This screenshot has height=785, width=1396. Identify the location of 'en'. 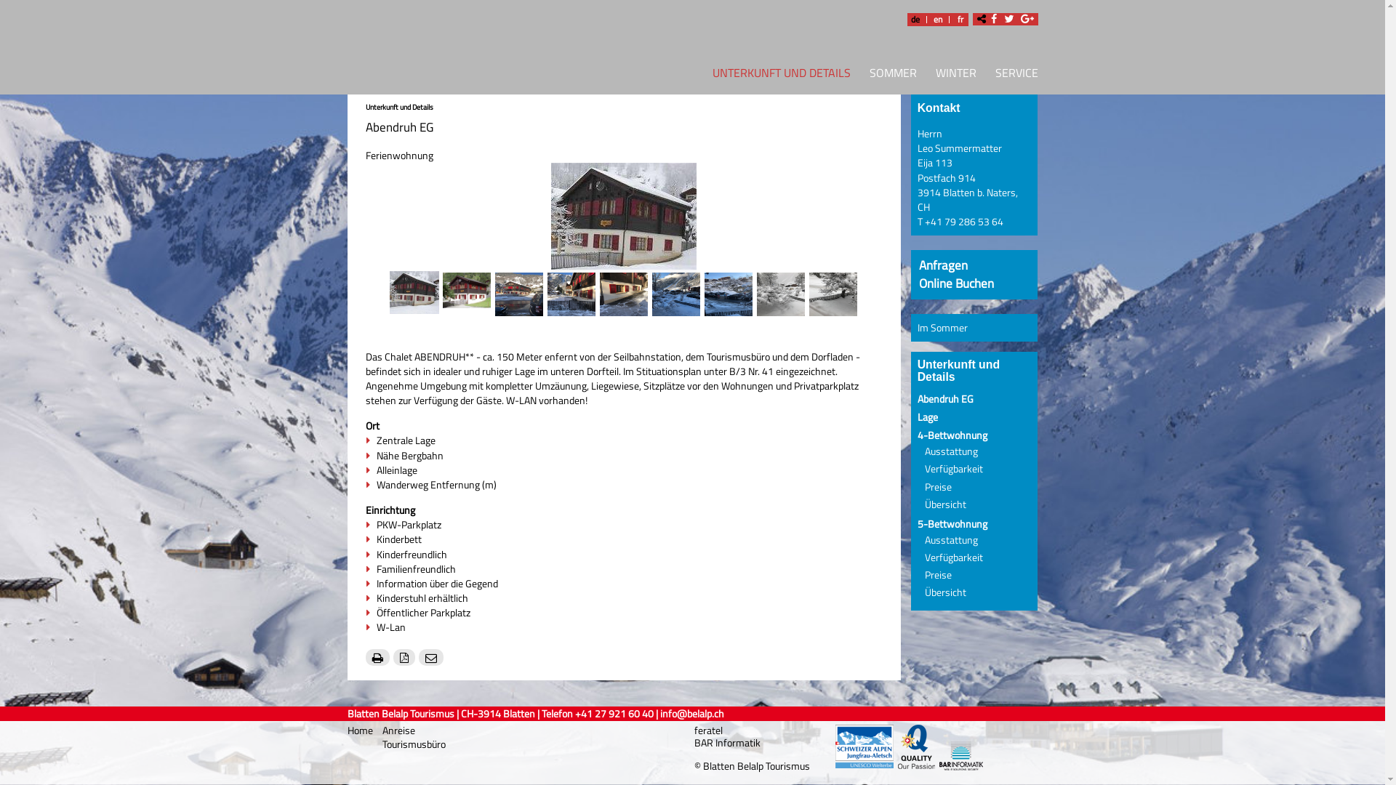
(937, 19).